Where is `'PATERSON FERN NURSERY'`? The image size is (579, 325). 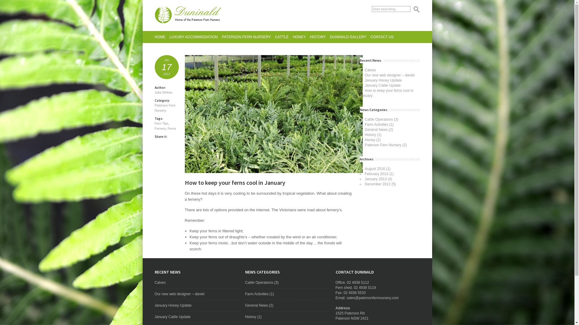
'PATERSON FERN NURSERY' is located at coordinates (246, 37).